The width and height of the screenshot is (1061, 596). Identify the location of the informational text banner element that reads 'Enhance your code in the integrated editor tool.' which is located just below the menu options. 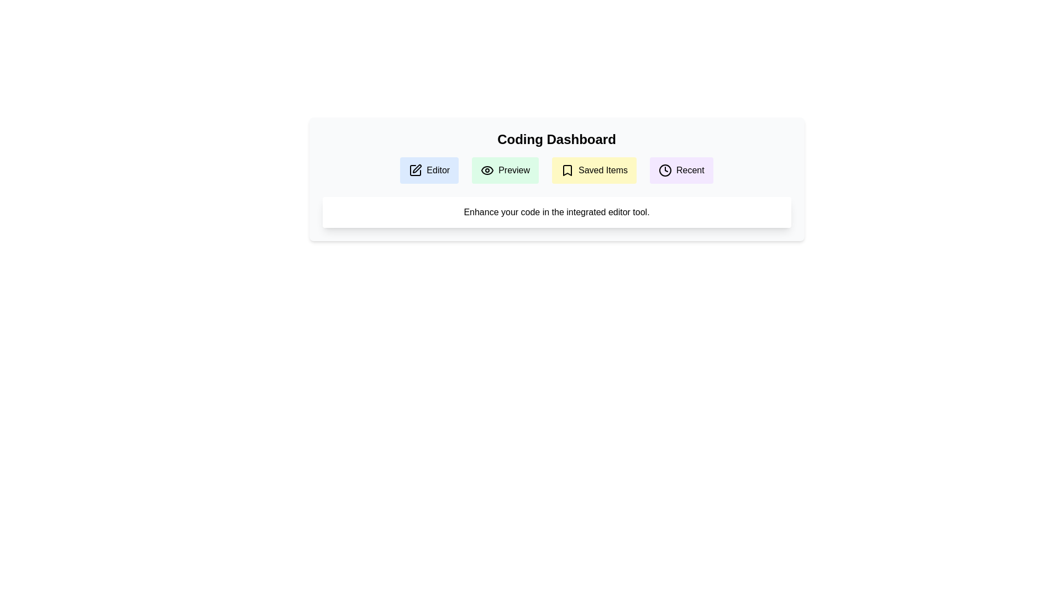
(556, 212).